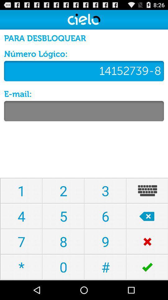  Describe the element at coordinates (84, 111) in the screenshot. I see `text entry field` at that location.